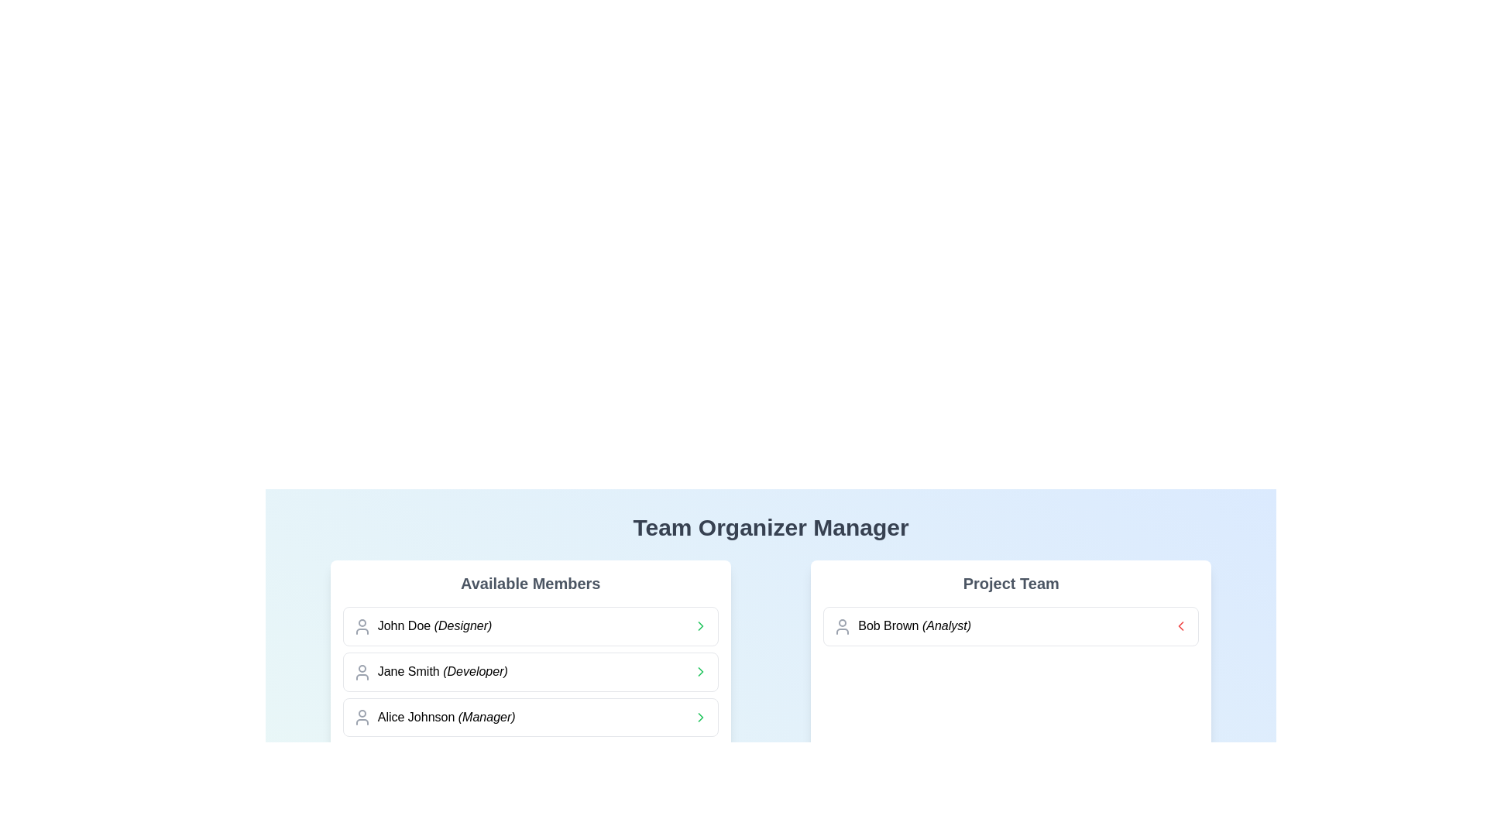 The image size is (1487, 836). I want to click on the SVG-based user profile icon located in the top left corner of the list item labeled 'John Doe (Designer)' under the 'Available Members' section, so click(361, 625).